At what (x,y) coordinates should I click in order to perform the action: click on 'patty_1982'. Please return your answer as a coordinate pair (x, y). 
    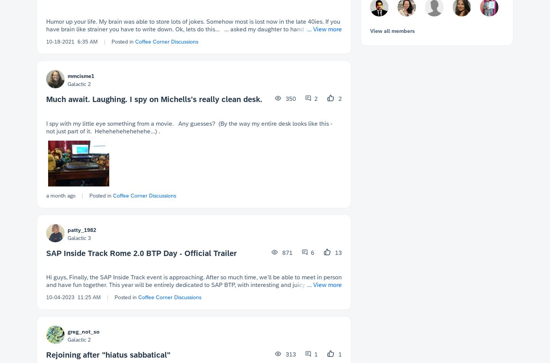
    Looking at the image, I should click on (82, 229).